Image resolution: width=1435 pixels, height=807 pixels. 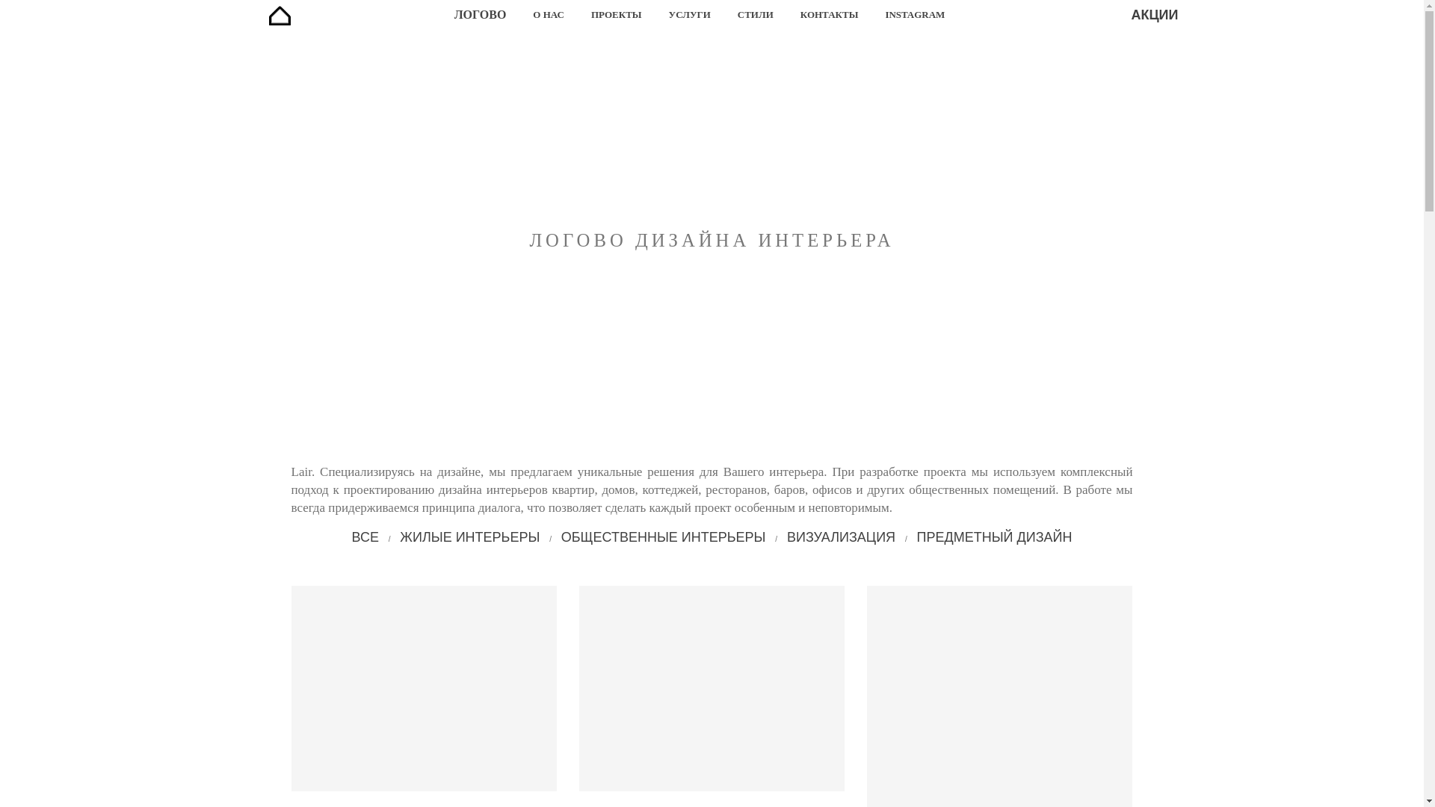 I want to click on 'INSTAGRAM', so click(x=914, y=14).